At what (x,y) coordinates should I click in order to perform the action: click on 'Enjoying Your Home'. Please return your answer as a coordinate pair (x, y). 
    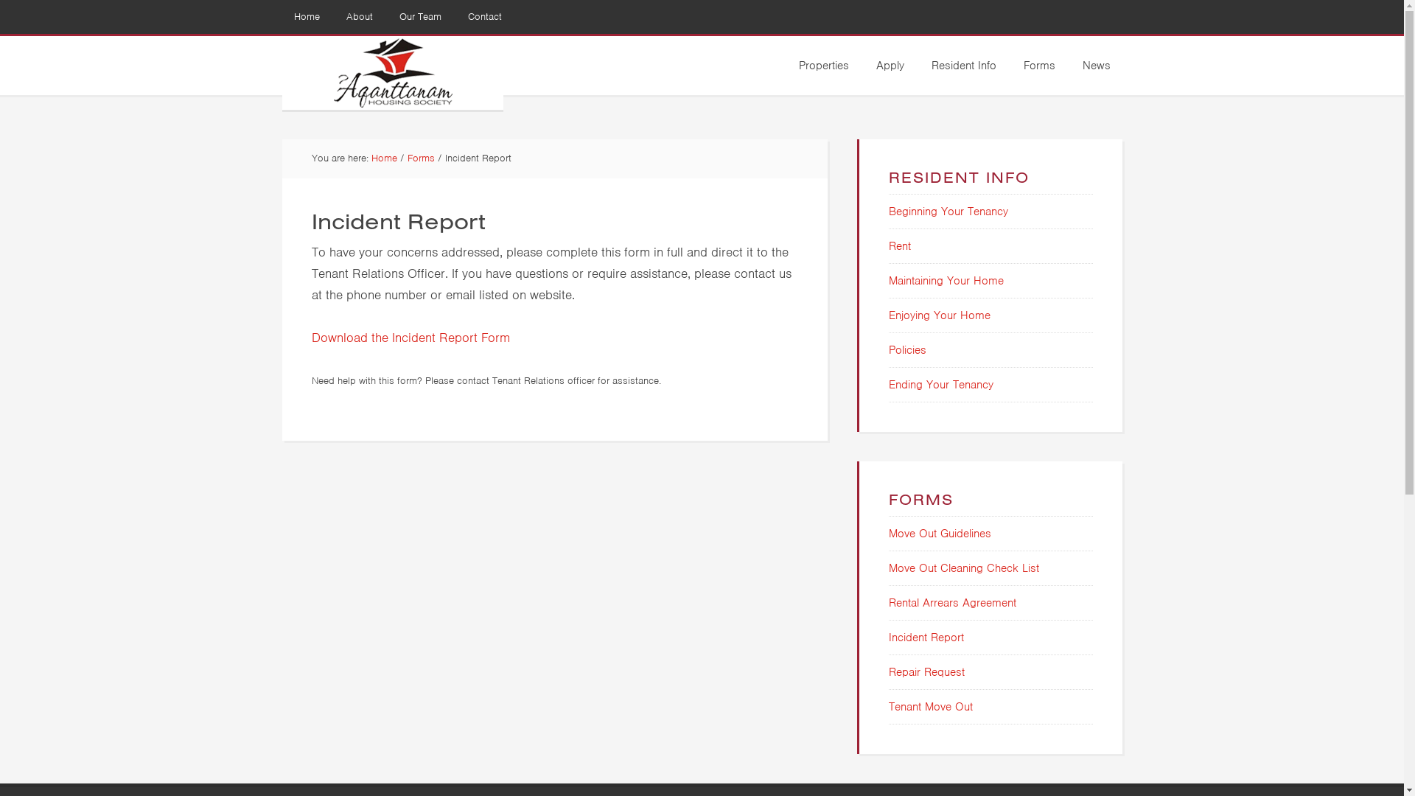
    Looking at the image, I should click on (887, 315).